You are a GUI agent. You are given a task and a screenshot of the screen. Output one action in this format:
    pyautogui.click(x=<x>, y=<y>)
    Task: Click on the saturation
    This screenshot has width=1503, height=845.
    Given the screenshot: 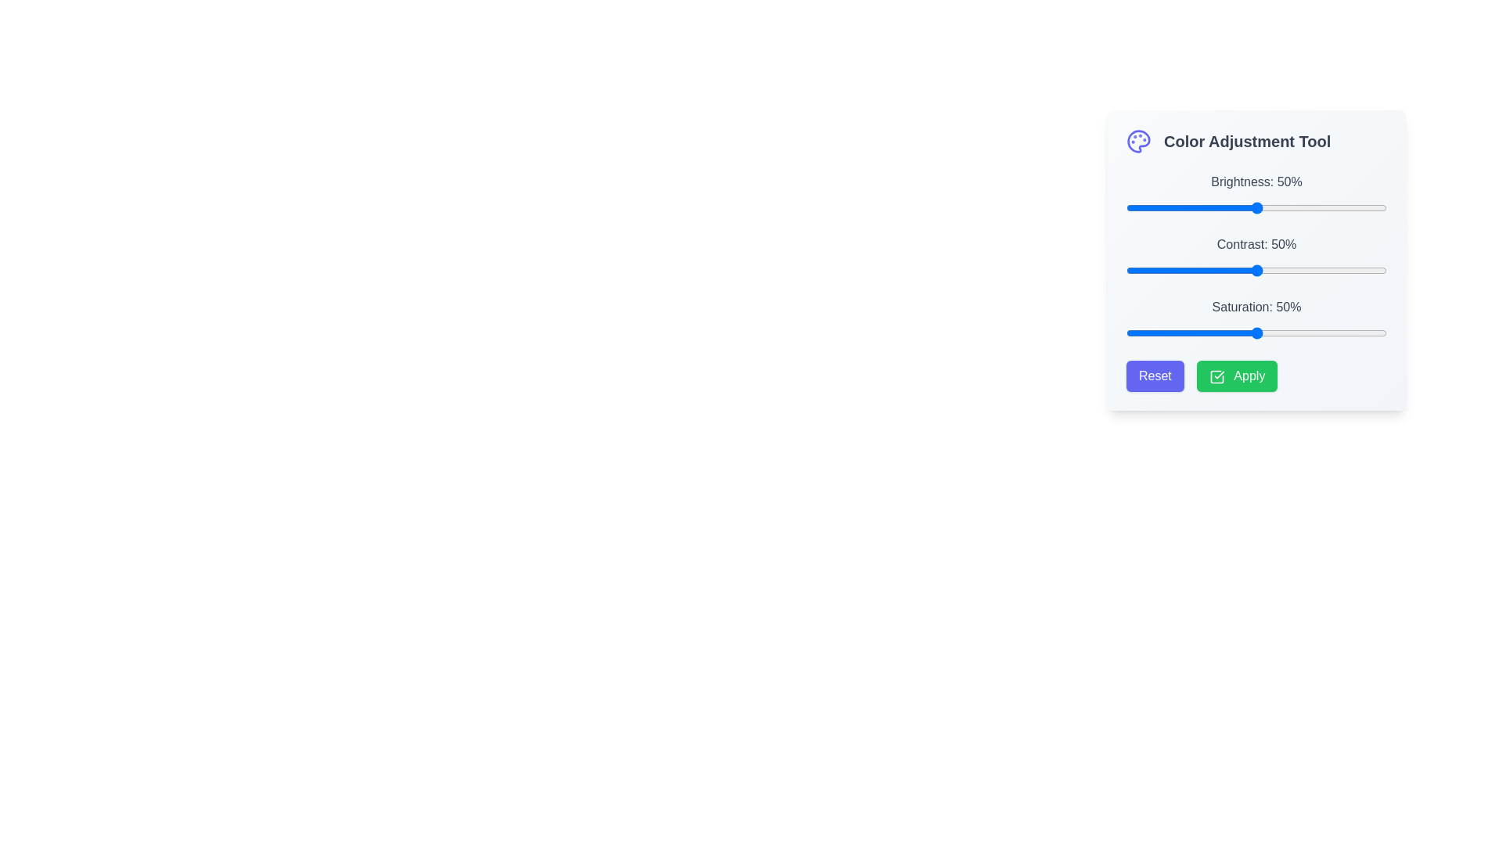 What is the action you would take?
    pyautogui.click(x=1360, y=332)
    